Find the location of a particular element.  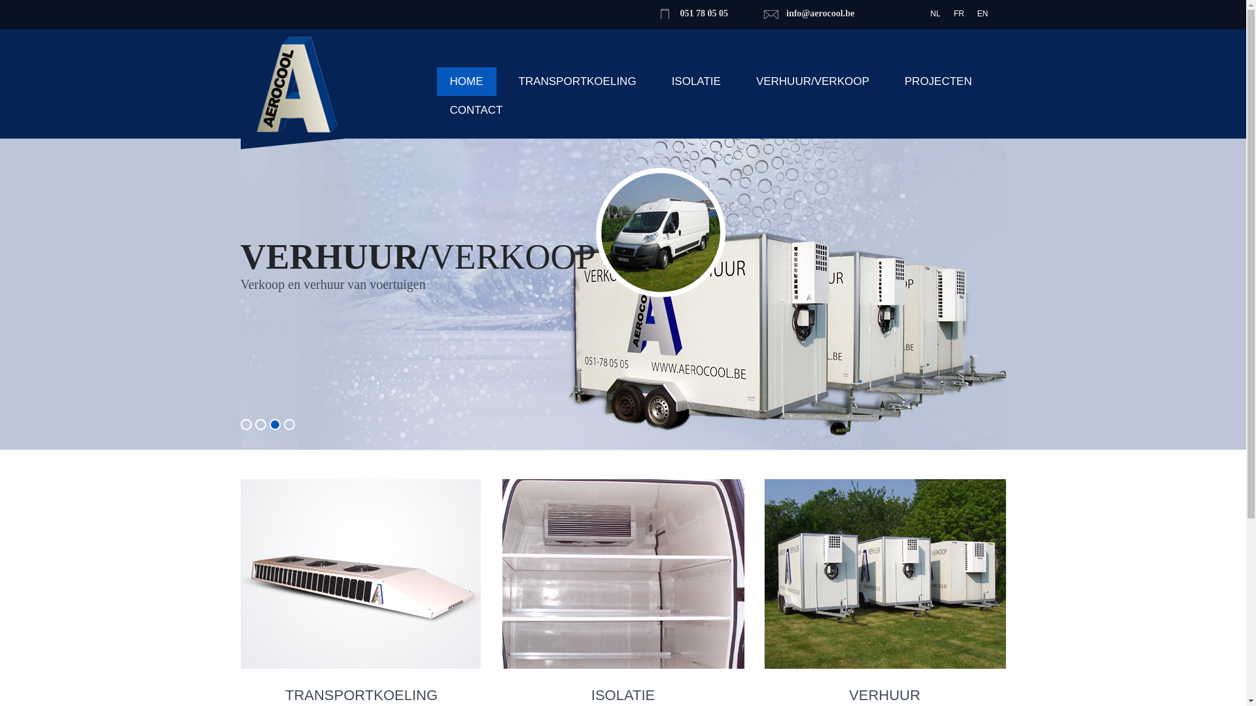

'CONTACT' is located at coordinates (476, 110).